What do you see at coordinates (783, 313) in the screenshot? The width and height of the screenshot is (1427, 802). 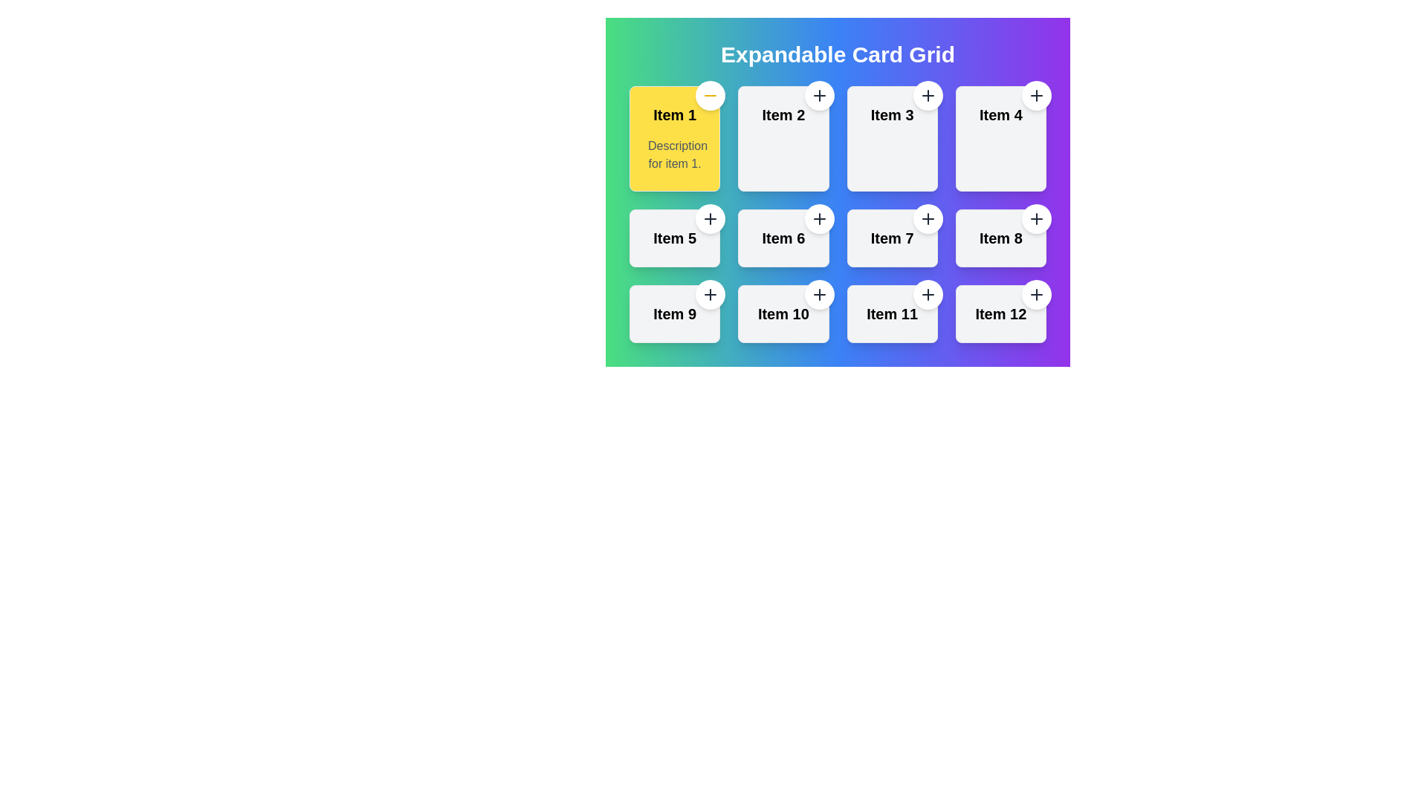 I see `the text label that displays the card's title, located in the bottom third of the card, centered horizontally within the 10th card of the grid layout` at bounding box center [783, 313].